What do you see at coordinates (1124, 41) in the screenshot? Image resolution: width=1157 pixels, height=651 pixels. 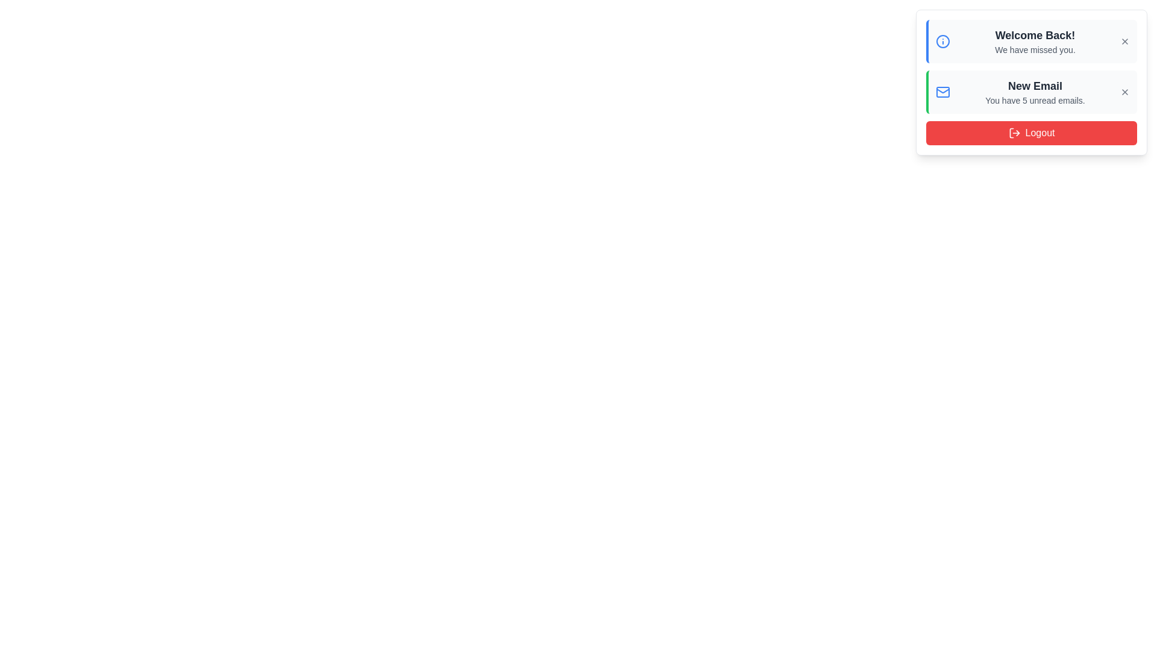 I see `the small interactive close button represented by an 'X' icon in the top-right corner of the 'Welcome Back!' notification card` at bounding box center [1124, 41].